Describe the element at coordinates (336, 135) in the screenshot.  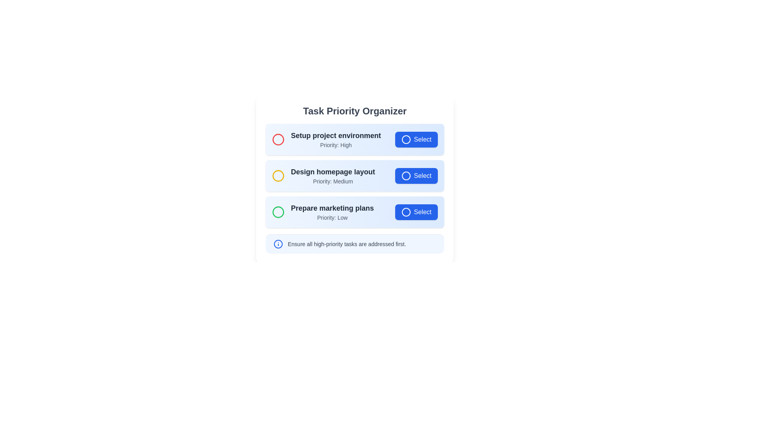
I see `the main title text label that identifies the task, located at the top of the task list, above the 'Priority: High' text` at that location.